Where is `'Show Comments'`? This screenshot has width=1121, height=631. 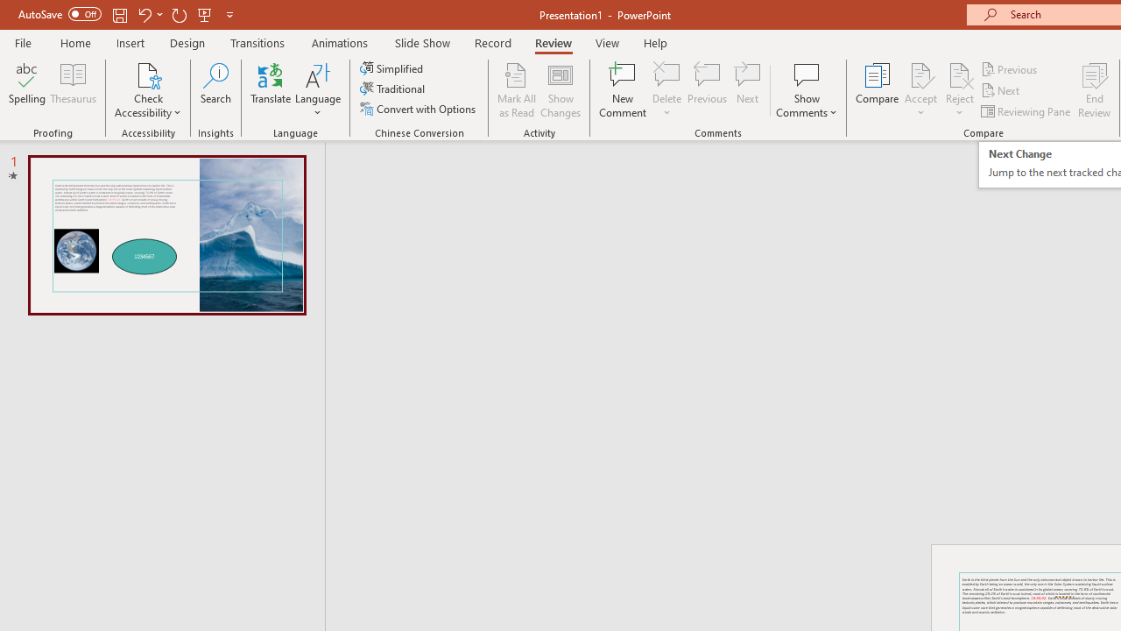
'Show Comments' is located at coordinates (806, 90).